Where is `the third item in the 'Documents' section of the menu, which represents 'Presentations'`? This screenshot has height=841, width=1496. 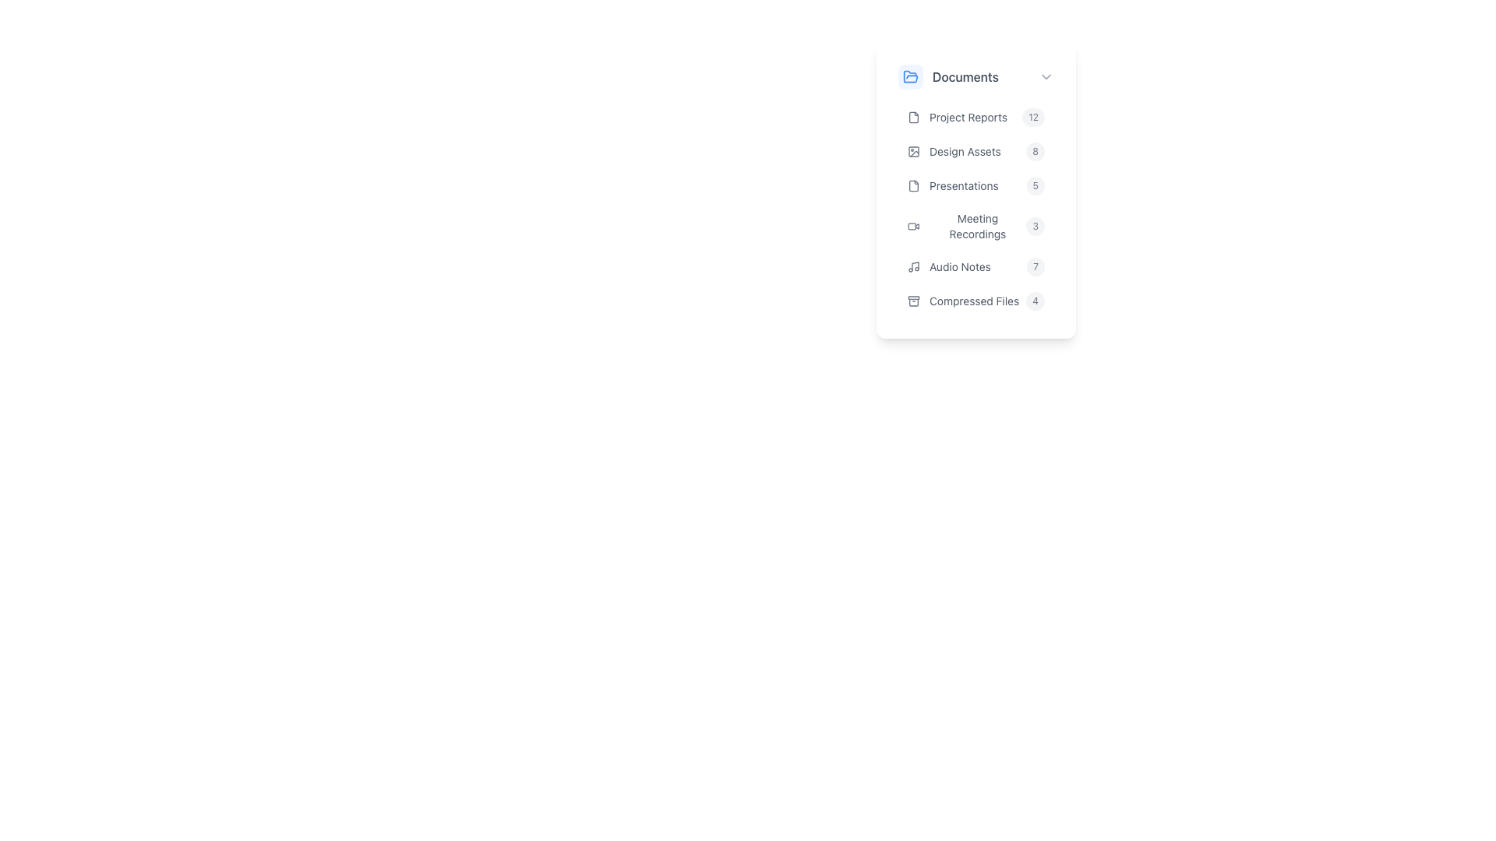 the third item in the 'Documents' section of the menu, which represents 'Presentations' is located at coordinates (975, 185).